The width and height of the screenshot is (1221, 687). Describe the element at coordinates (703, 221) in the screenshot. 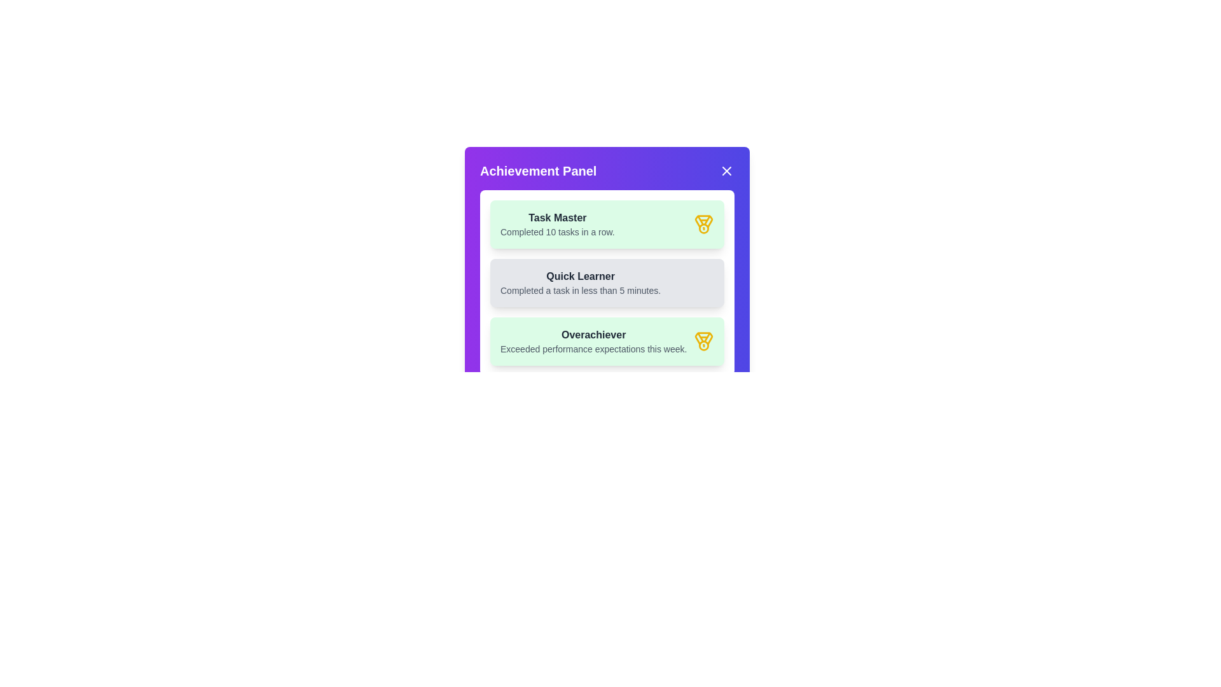

I see `the medal icon representing achievement located in the upper section of the panel within the 'Task Master' award item, aligned on the right edge of the item` at that location.